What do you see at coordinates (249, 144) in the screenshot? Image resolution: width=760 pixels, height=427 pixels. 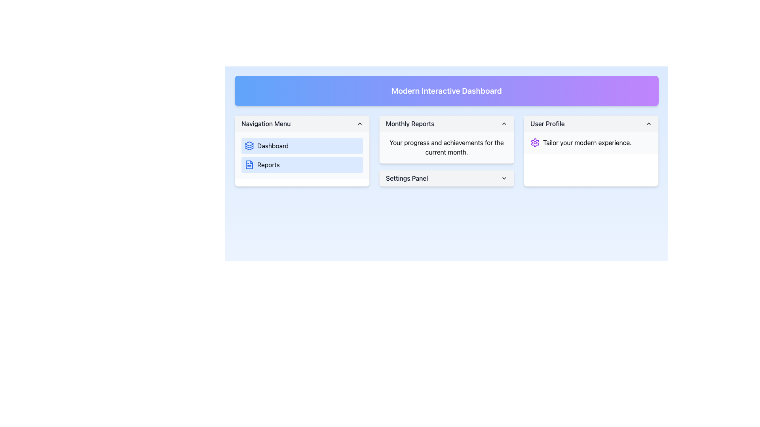 I see `the gemstone-shaped icon in the navigation menu, which is the topmost element of three stacked polygons` at bounding box center [249, 144].